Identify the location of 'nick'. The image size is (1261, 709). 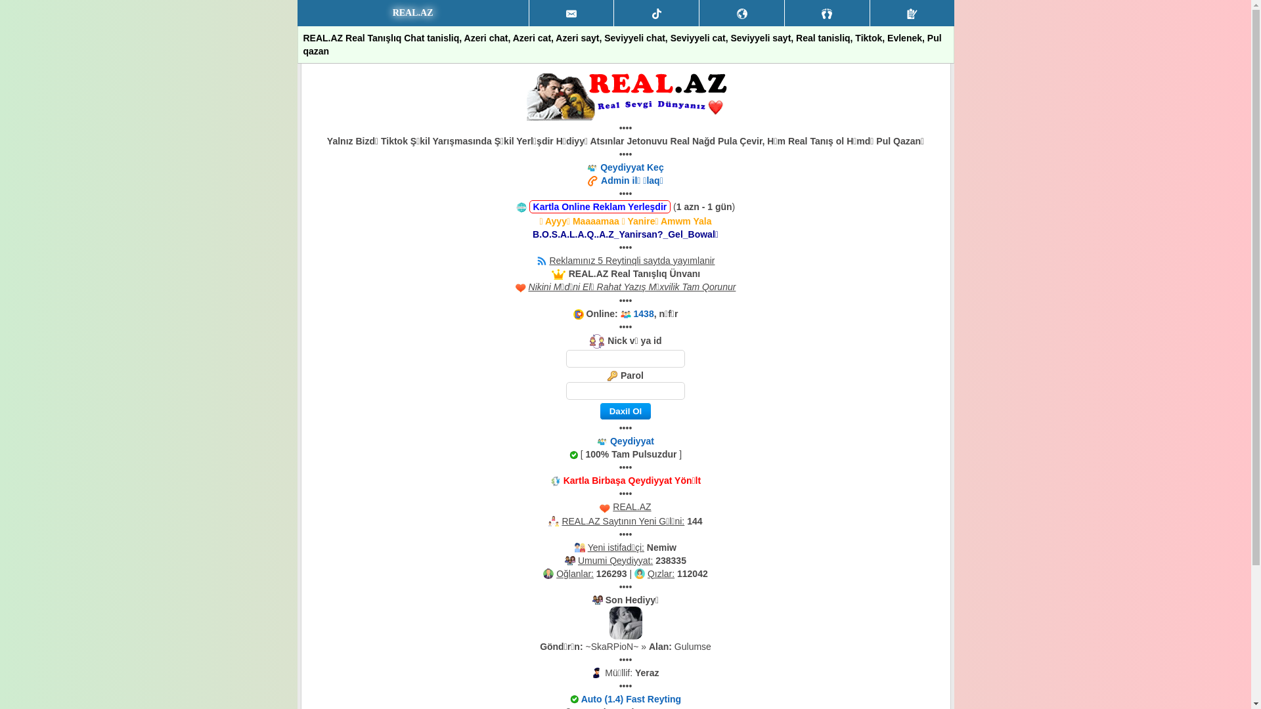
(625, 358).